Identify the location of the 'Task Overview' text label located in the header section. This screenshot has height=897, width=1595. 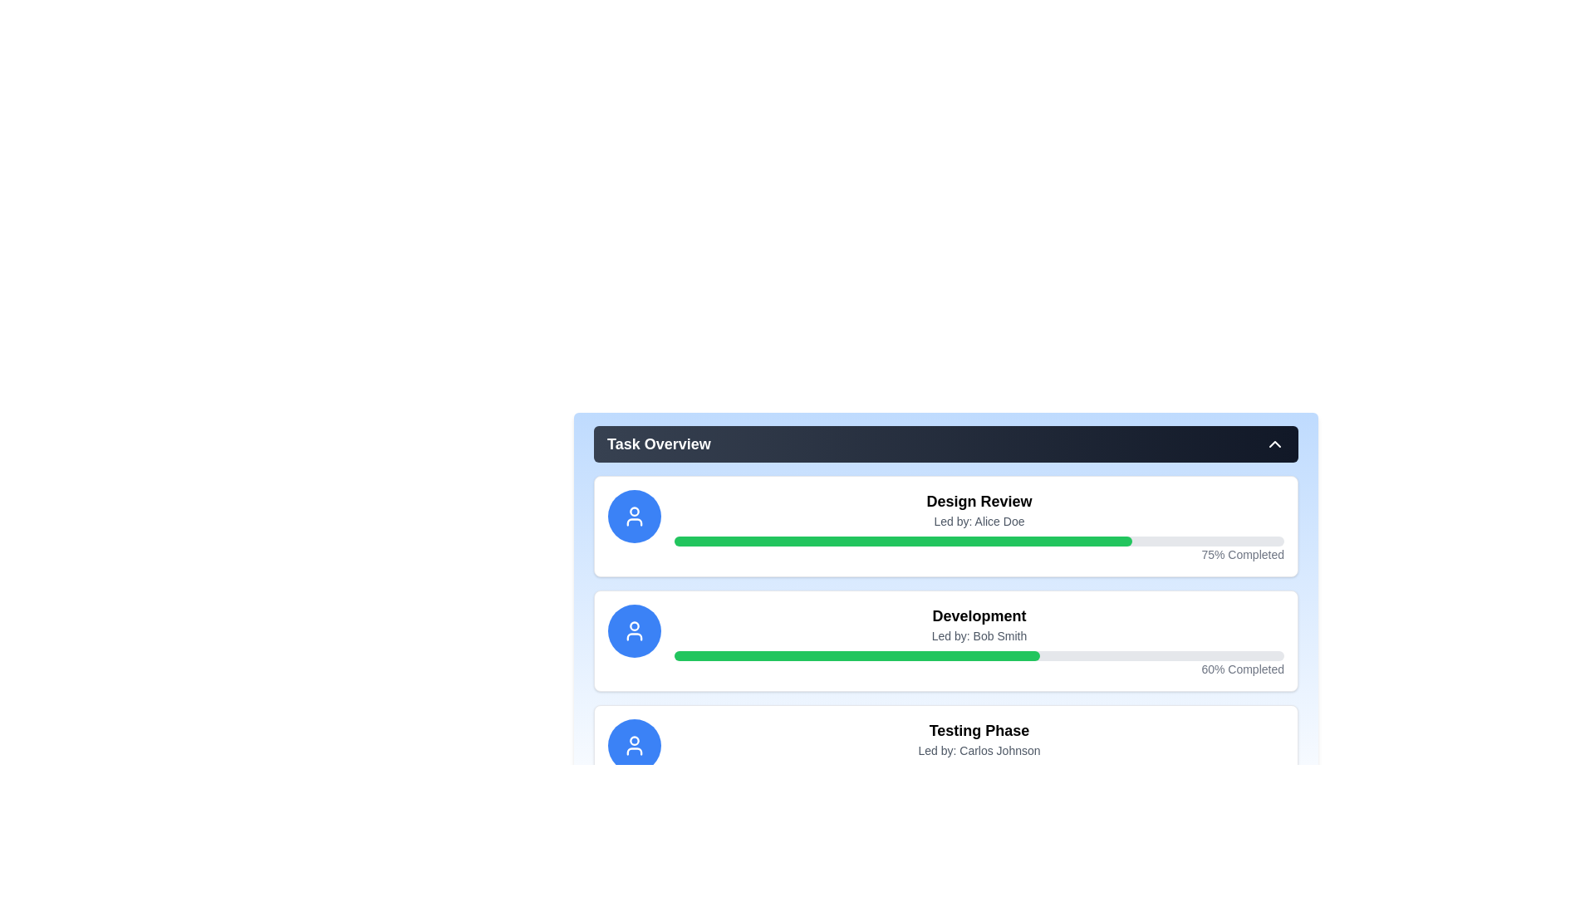
(658, 444).